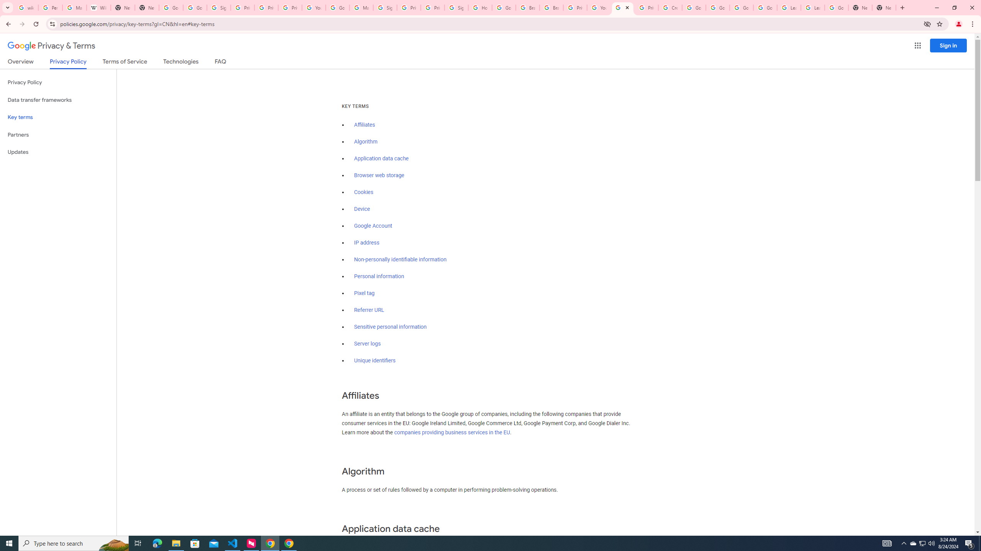 This screenshot has height=551, width=981. I want to click on 'New Tab', so click(884, 7).